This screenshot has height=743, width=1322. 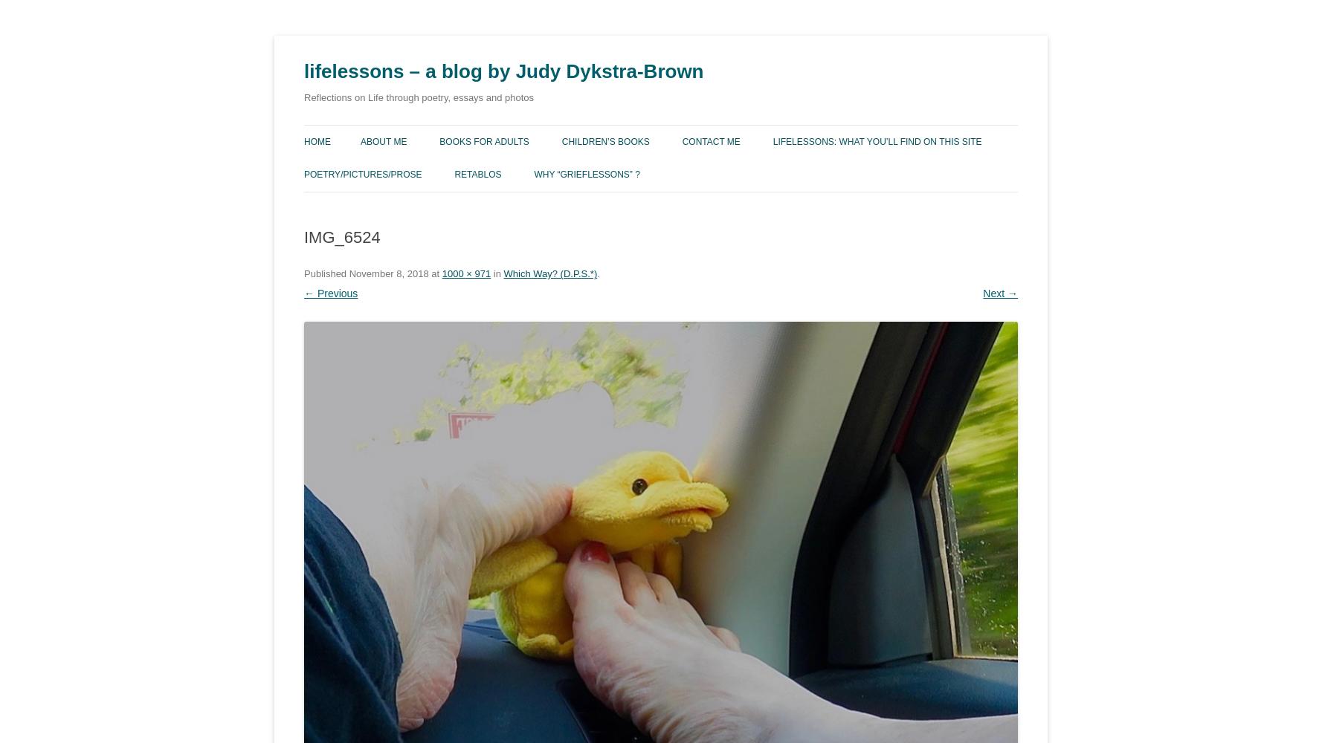 What do you see at coordinates (419, 97) in the screenshot?
I see `'Reflections on Life through poetry, essays and photos'` at bounding box center [419, 97].